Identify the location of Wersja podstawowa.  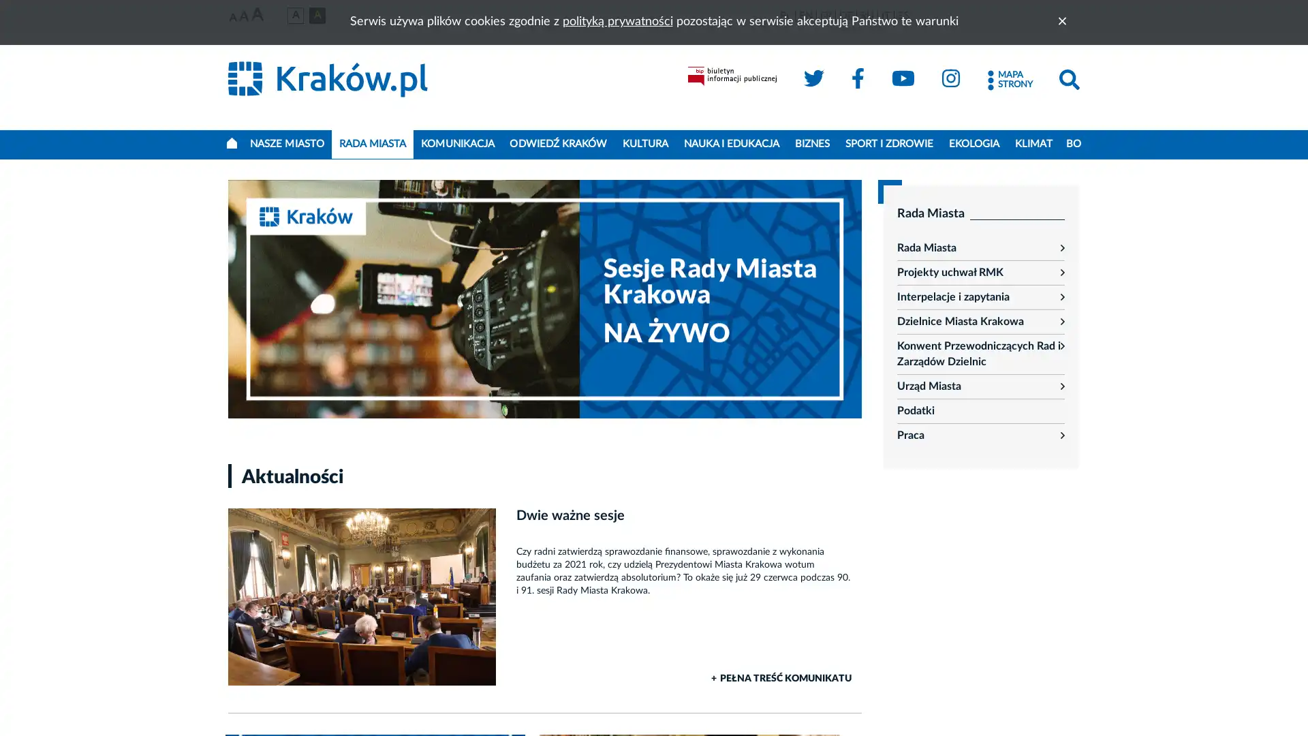
(294, 15).